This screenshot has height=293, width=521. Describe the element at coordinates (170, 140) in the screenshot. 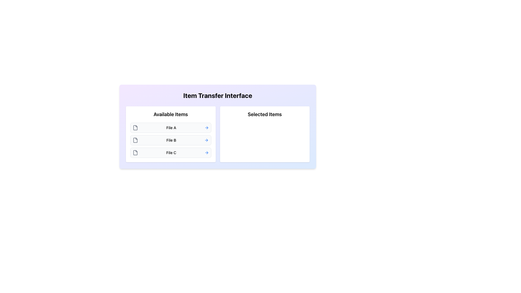

I see `the 'File B' item from the vertically structured list of files within the 'Available Items' card` at that location.